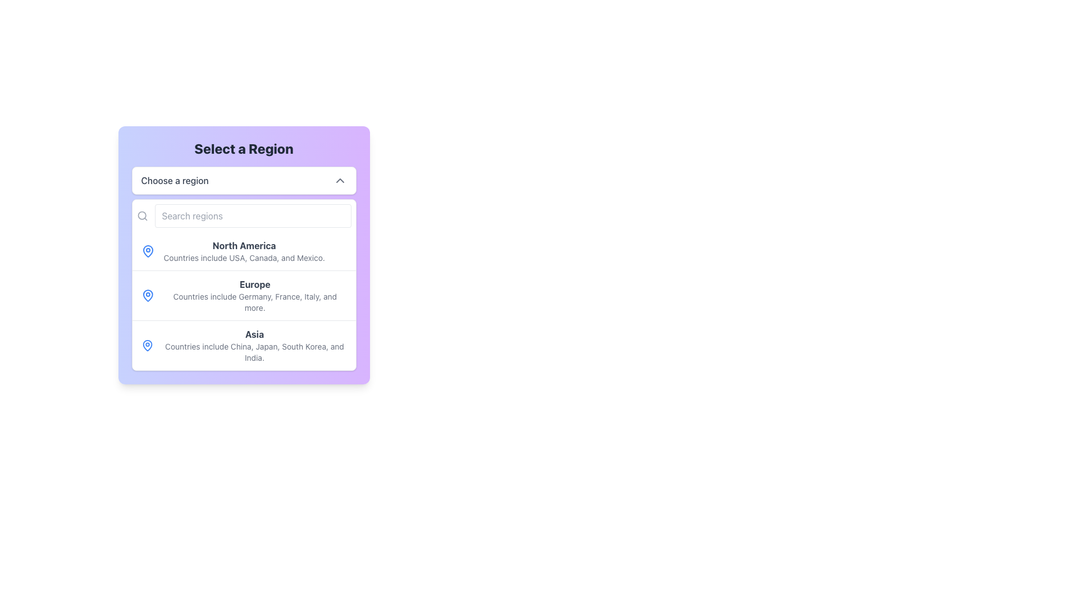 The width and height of the screenshot is (1078, 606). I want to click on the dropdown trigger labeled 'Choose a region', so click(243, 180).